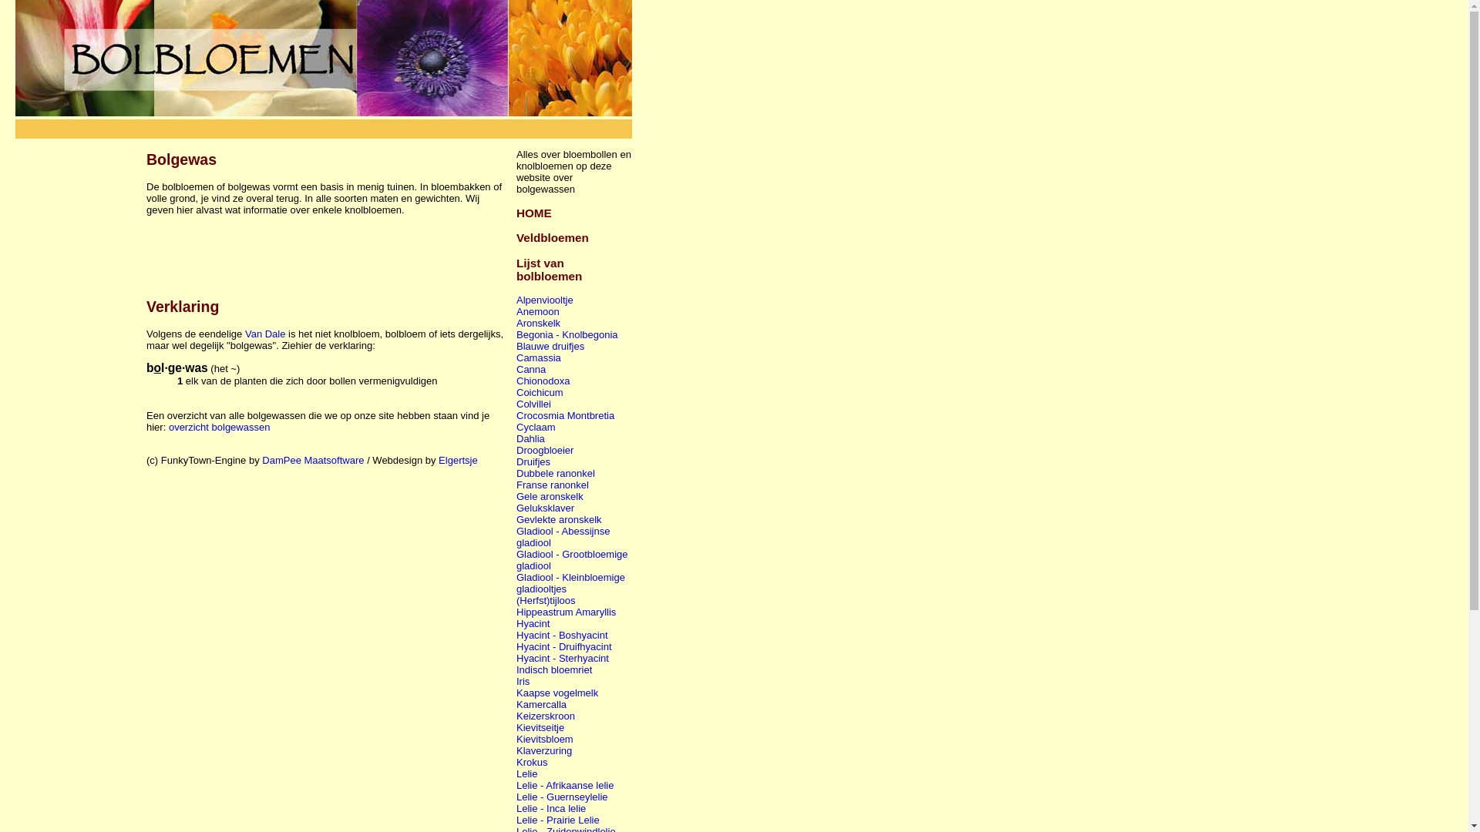 Image resolution: width=1480 pixels, height=832 pixels. I want to click on 'Gladiool - Abessijnse gladiool', so click(562, 536).